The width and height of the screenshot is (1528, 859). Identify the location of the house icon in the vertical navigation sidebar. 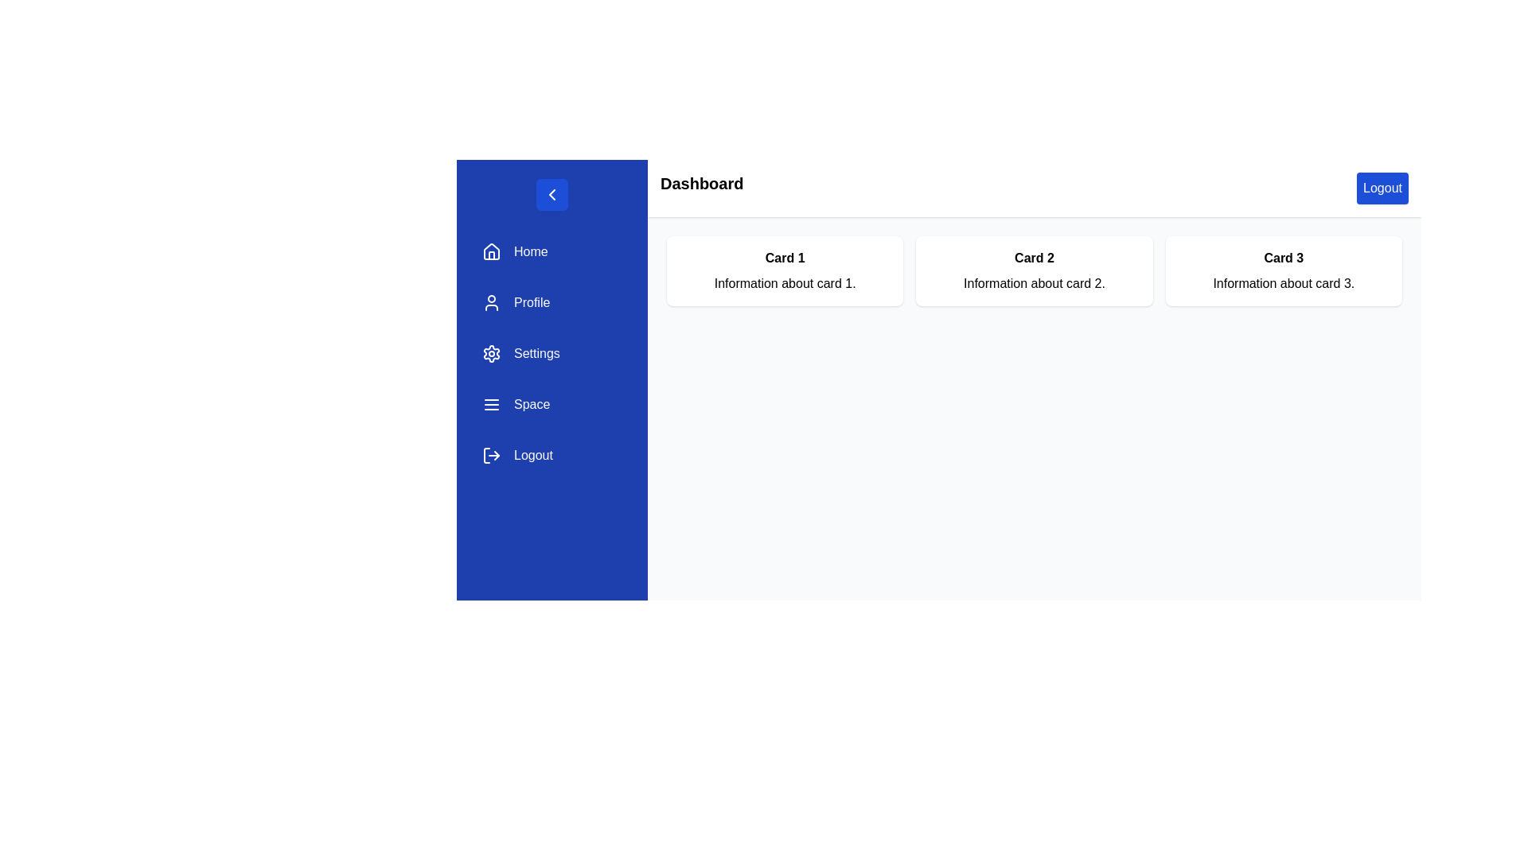
(491, 251).